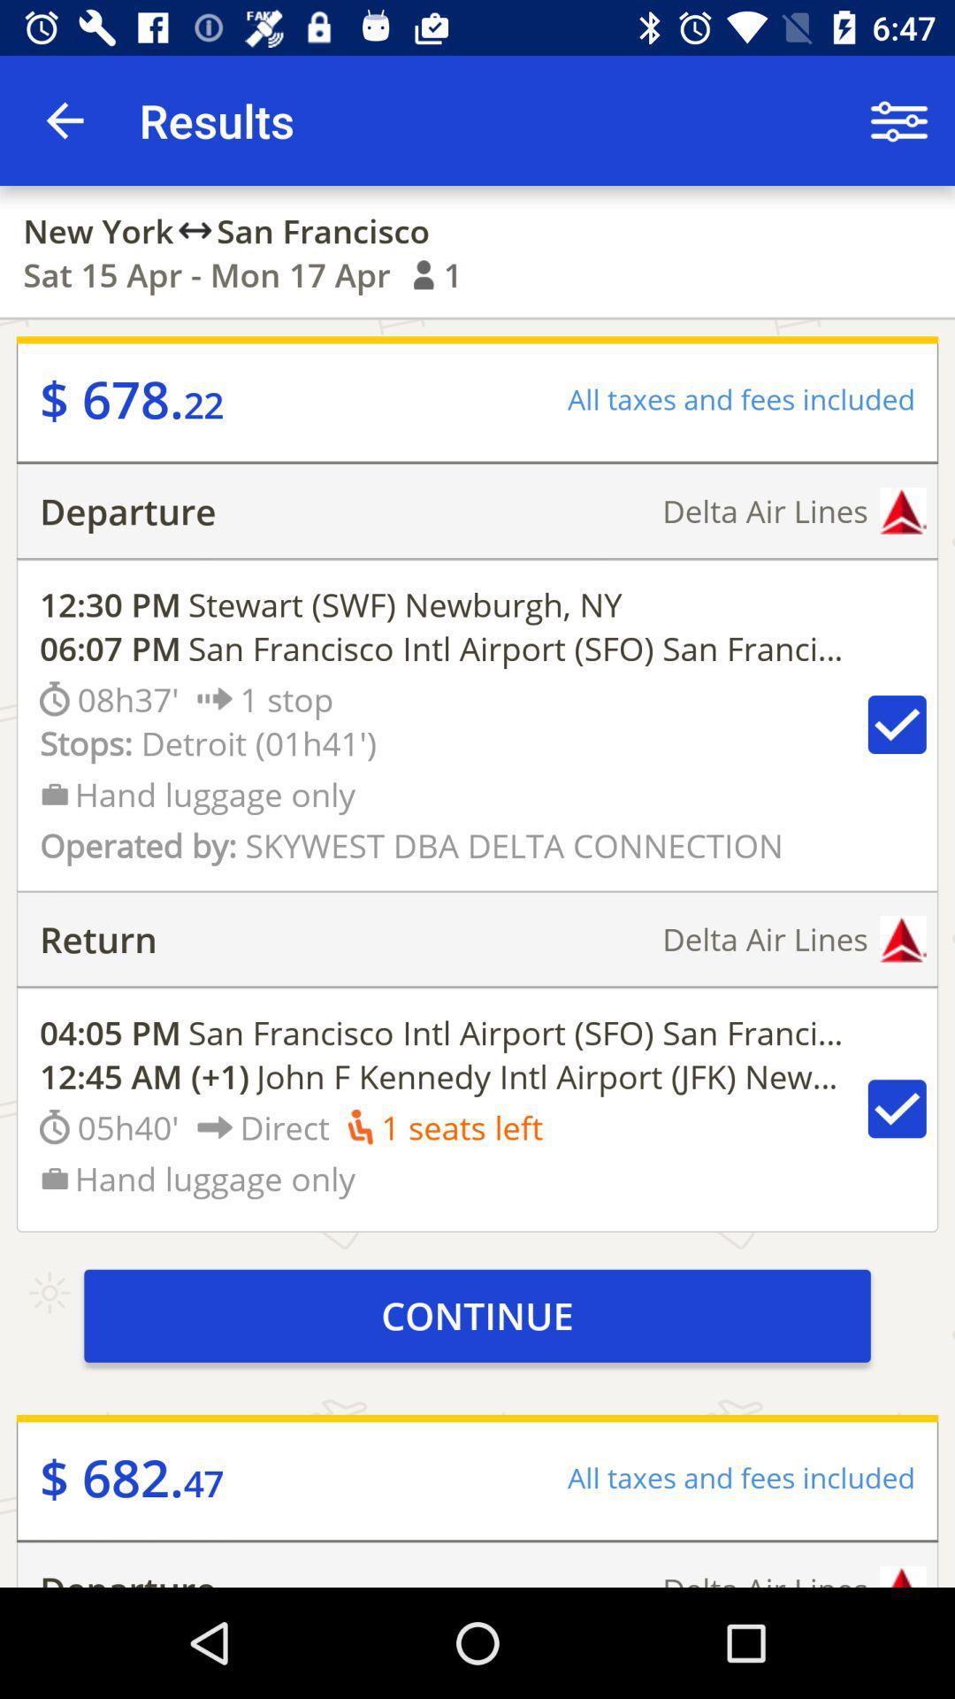 The width and height of the screenshot is (955, 1699). What do you see at coordinates (477, 1316) in the screenshot?
I see `continue` at bounding box center [477, 1316].